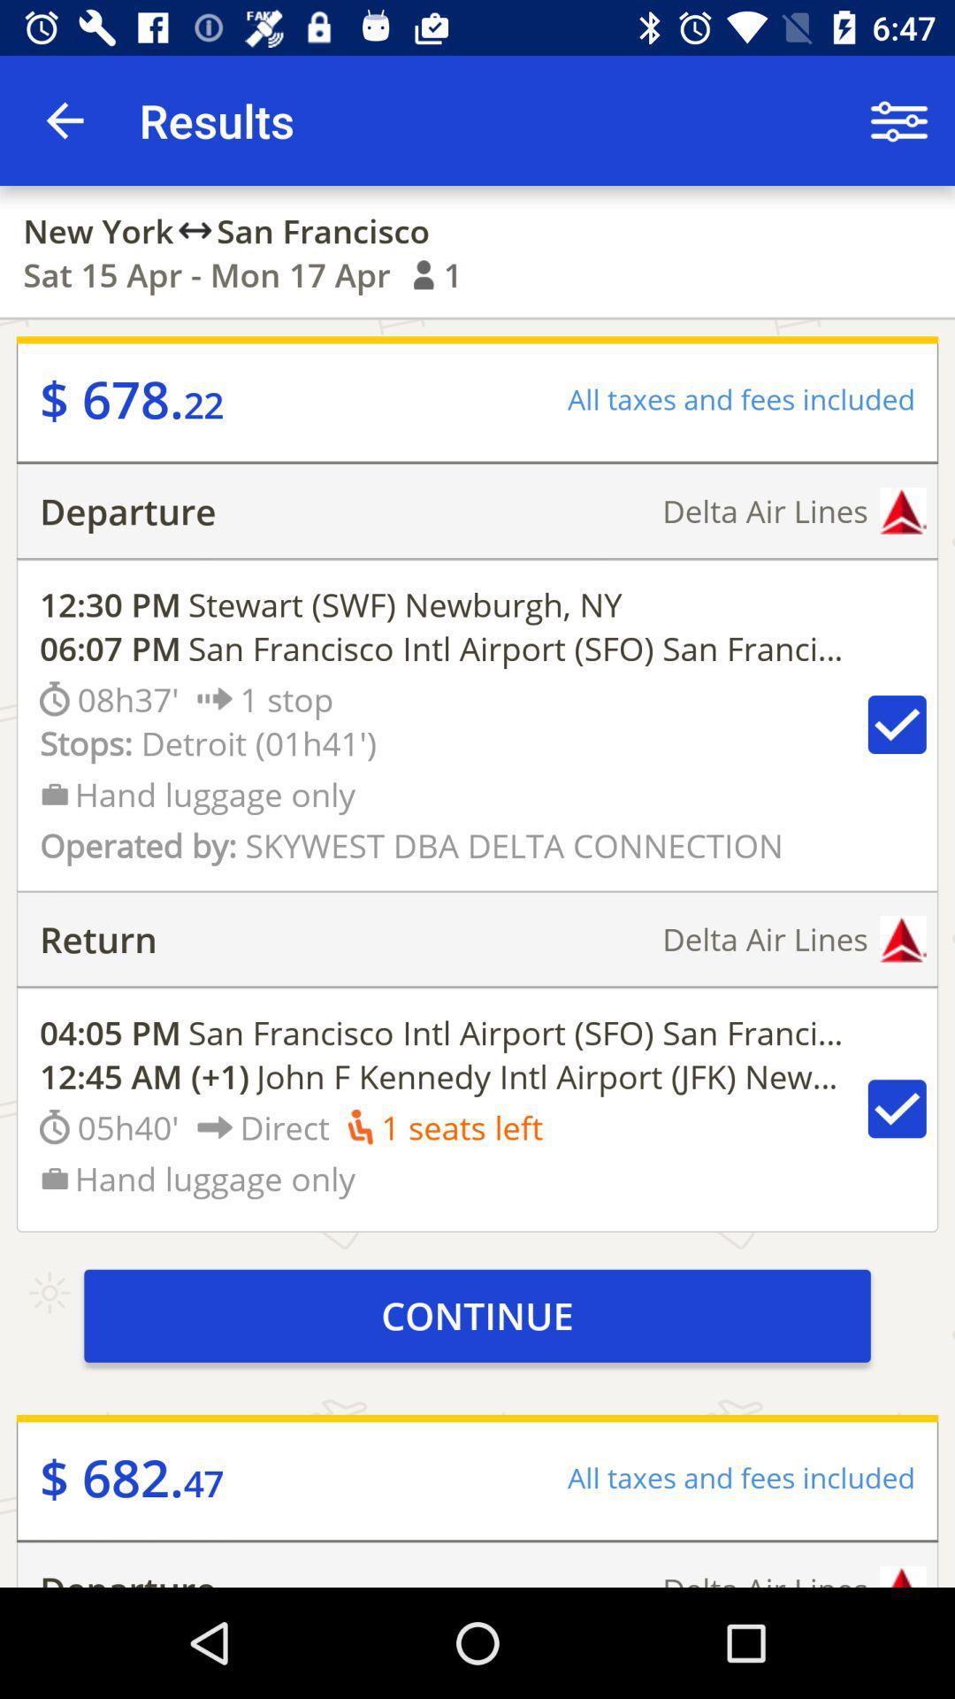 The width and height of the screenshot is (955, 1699). What do you see at coordinates (477, 1316) in the screenshot?
I see `continue` at bounding box center [477, 1316].